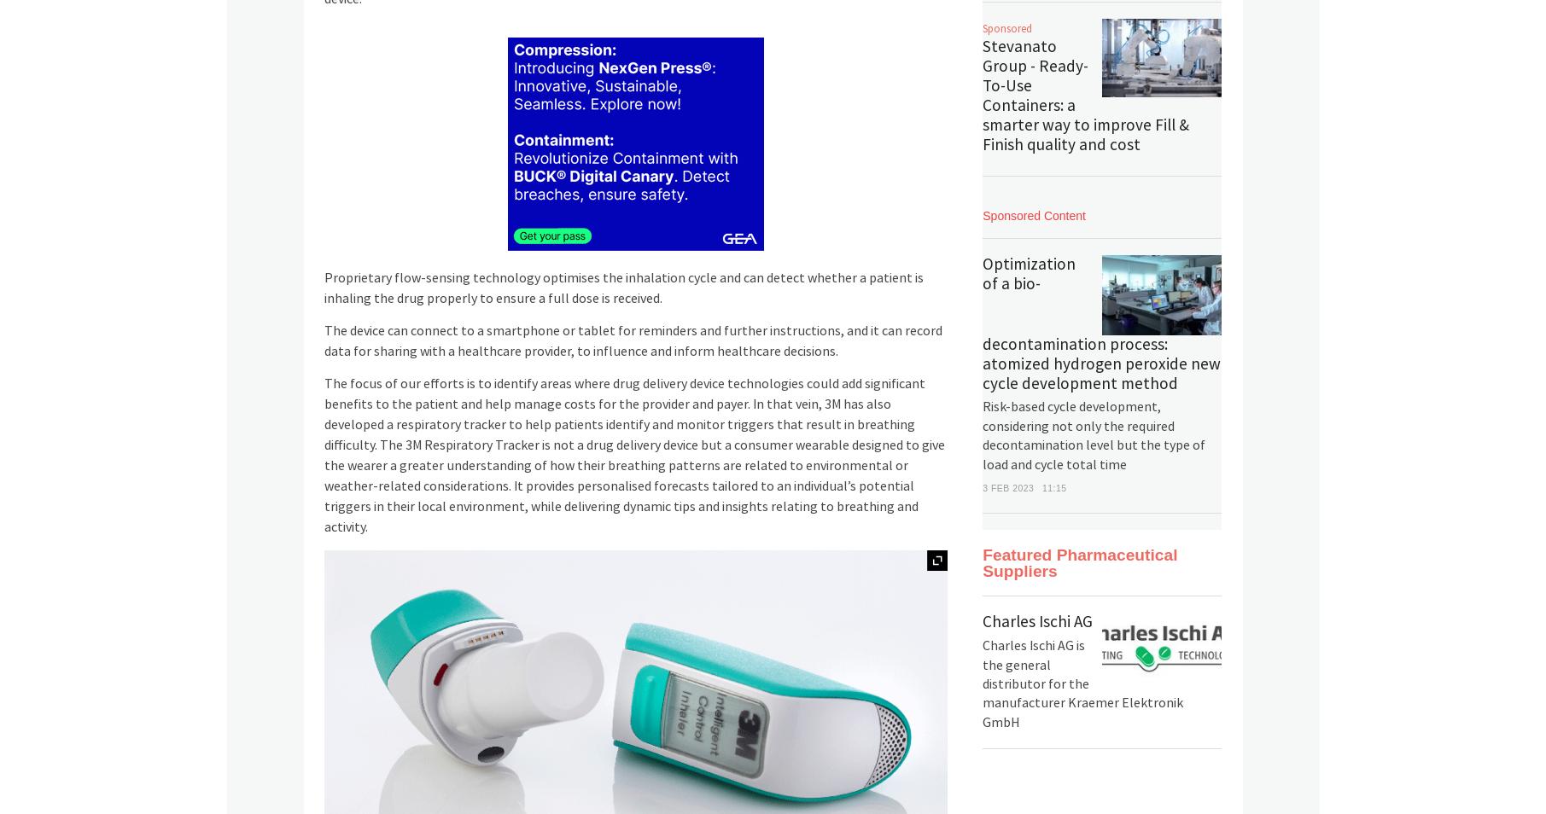  I want to click on 'Risk-based cycle development, considering not only the required decontamination level but the type of load and cycle total time', so click(1094, 434).